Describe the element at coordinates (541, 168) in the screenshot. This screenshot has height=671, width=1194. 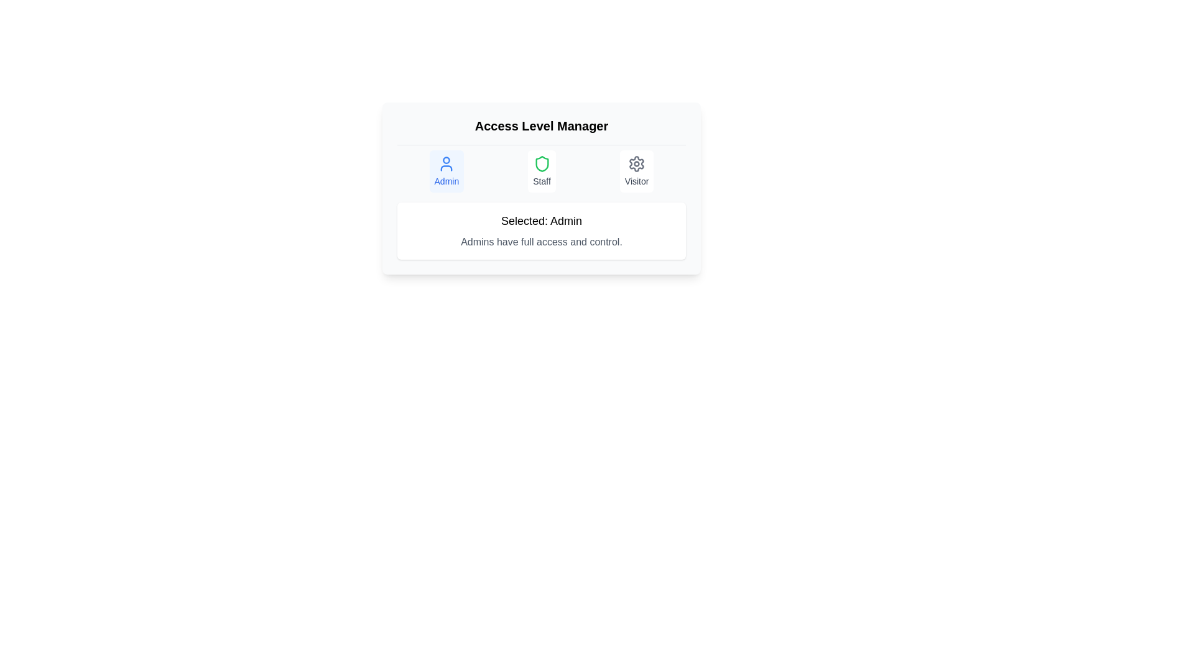
I see `the 'Staff' button in the Group of role selection buttons` at that location.